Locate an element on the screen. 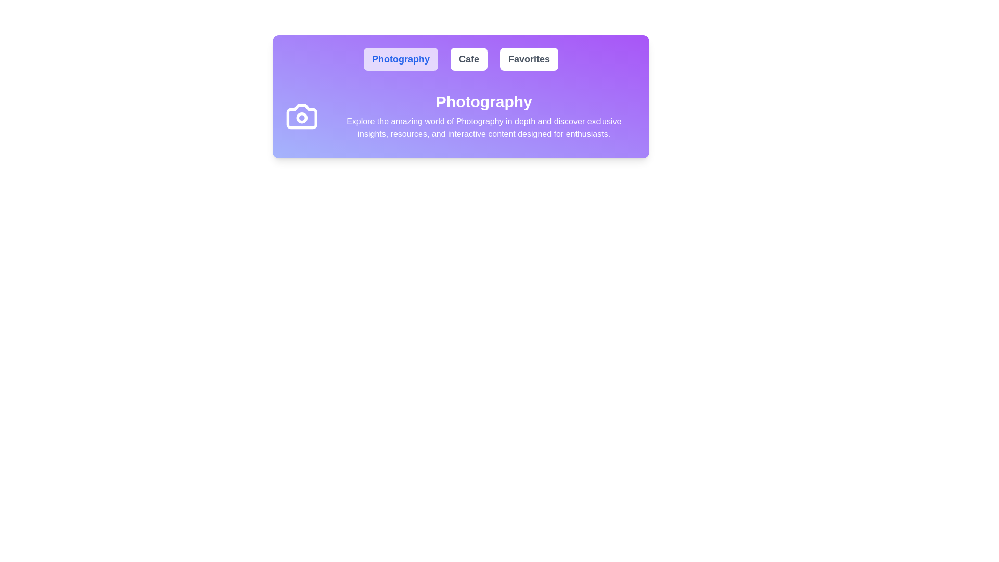 Image resolution: width=999 pixels, height=562 pixels. the outer outline of the camera icon, which is part of the 'Photography' section, featuring a white color scheme against a vibrant purple-gradient background is located at coordinates (301, 116).